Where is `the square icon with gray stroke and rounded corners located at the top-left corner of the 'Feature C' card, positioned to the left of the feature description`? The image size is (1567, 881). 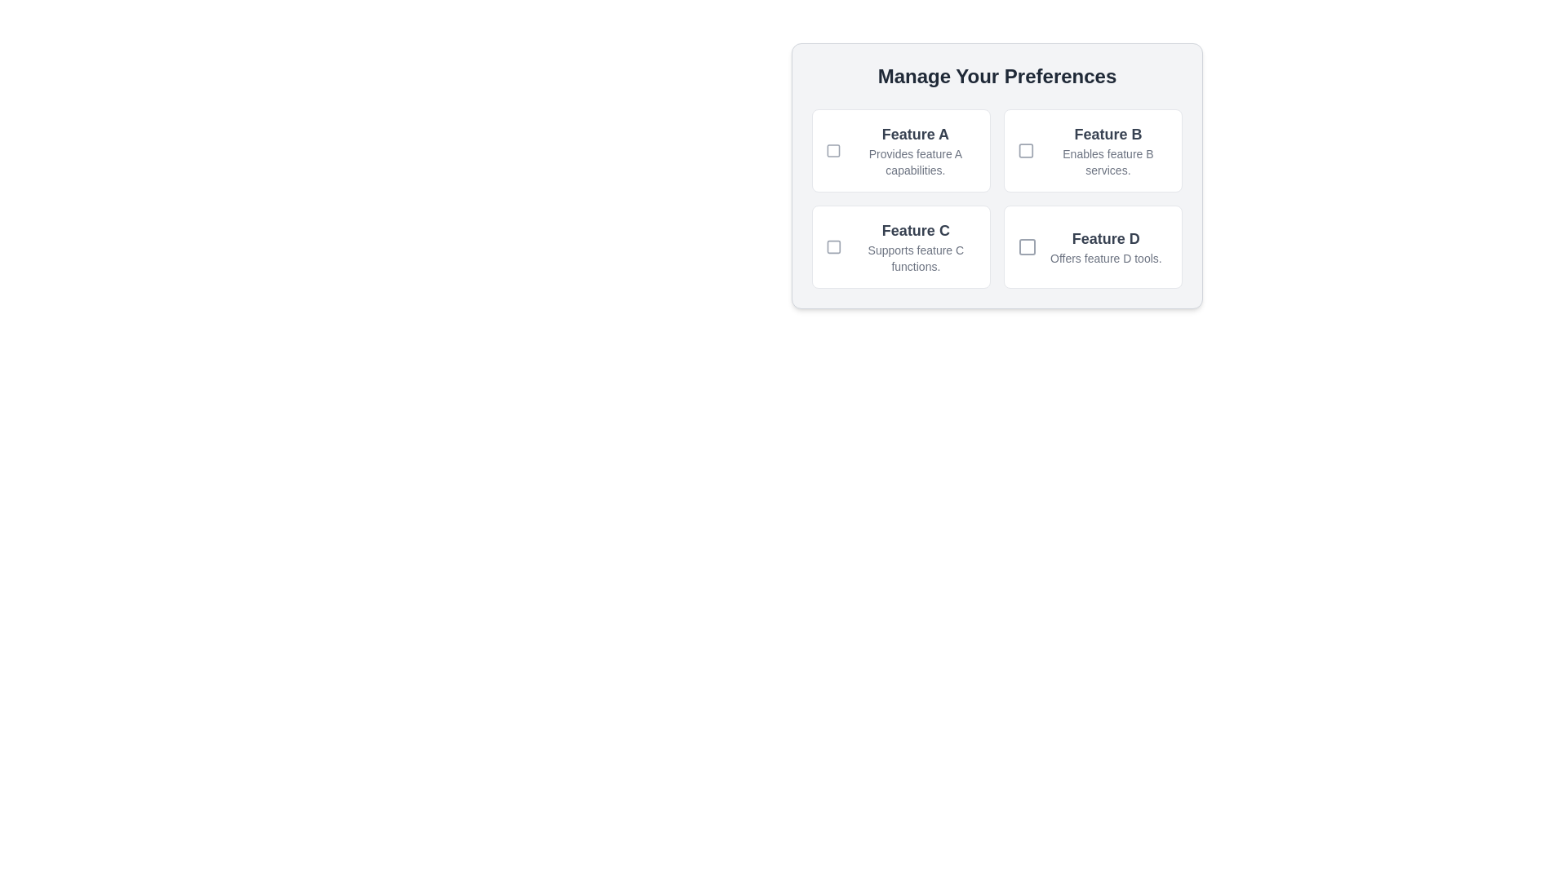 the square icon with gray stroke and rounded corners located at the top-left corner of the 'Feature C' card, positioned to the left of the feature description is located at coordinates (833, 247).